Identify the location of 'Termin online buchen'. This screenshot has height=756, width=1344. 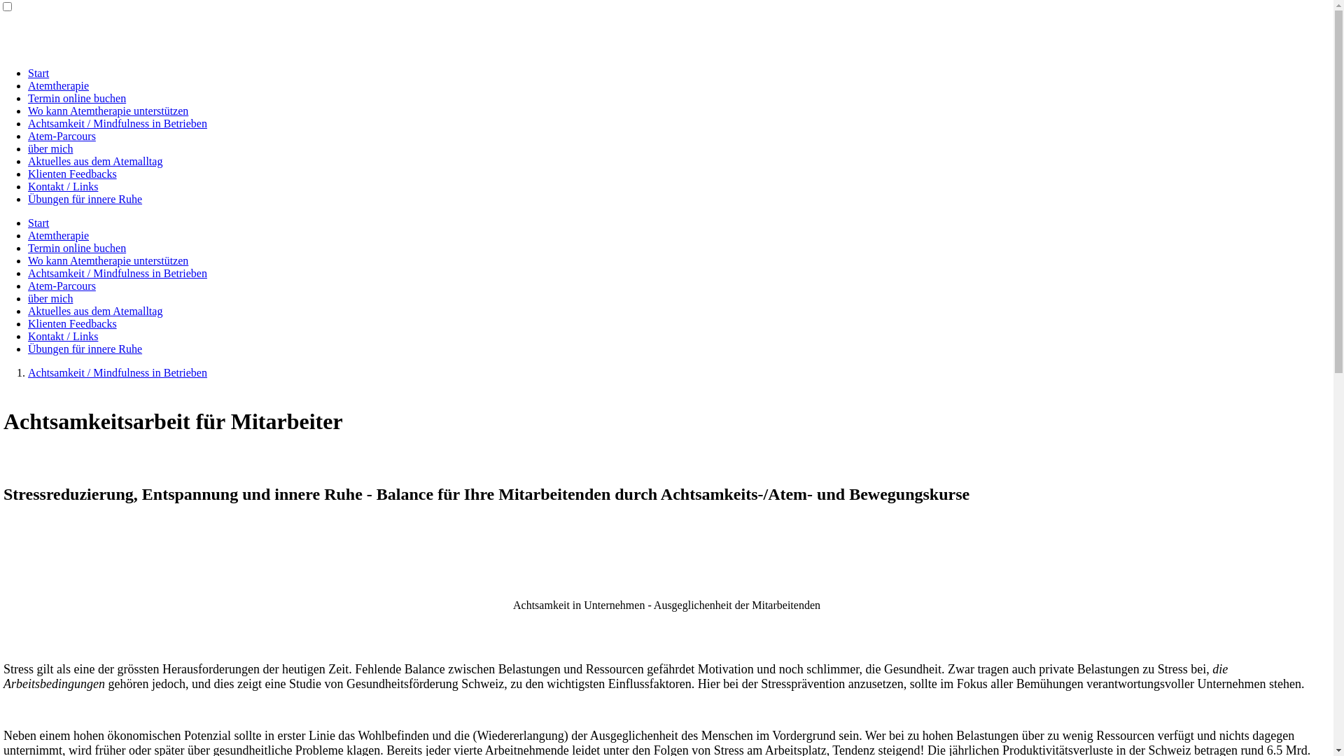
(76, 247).